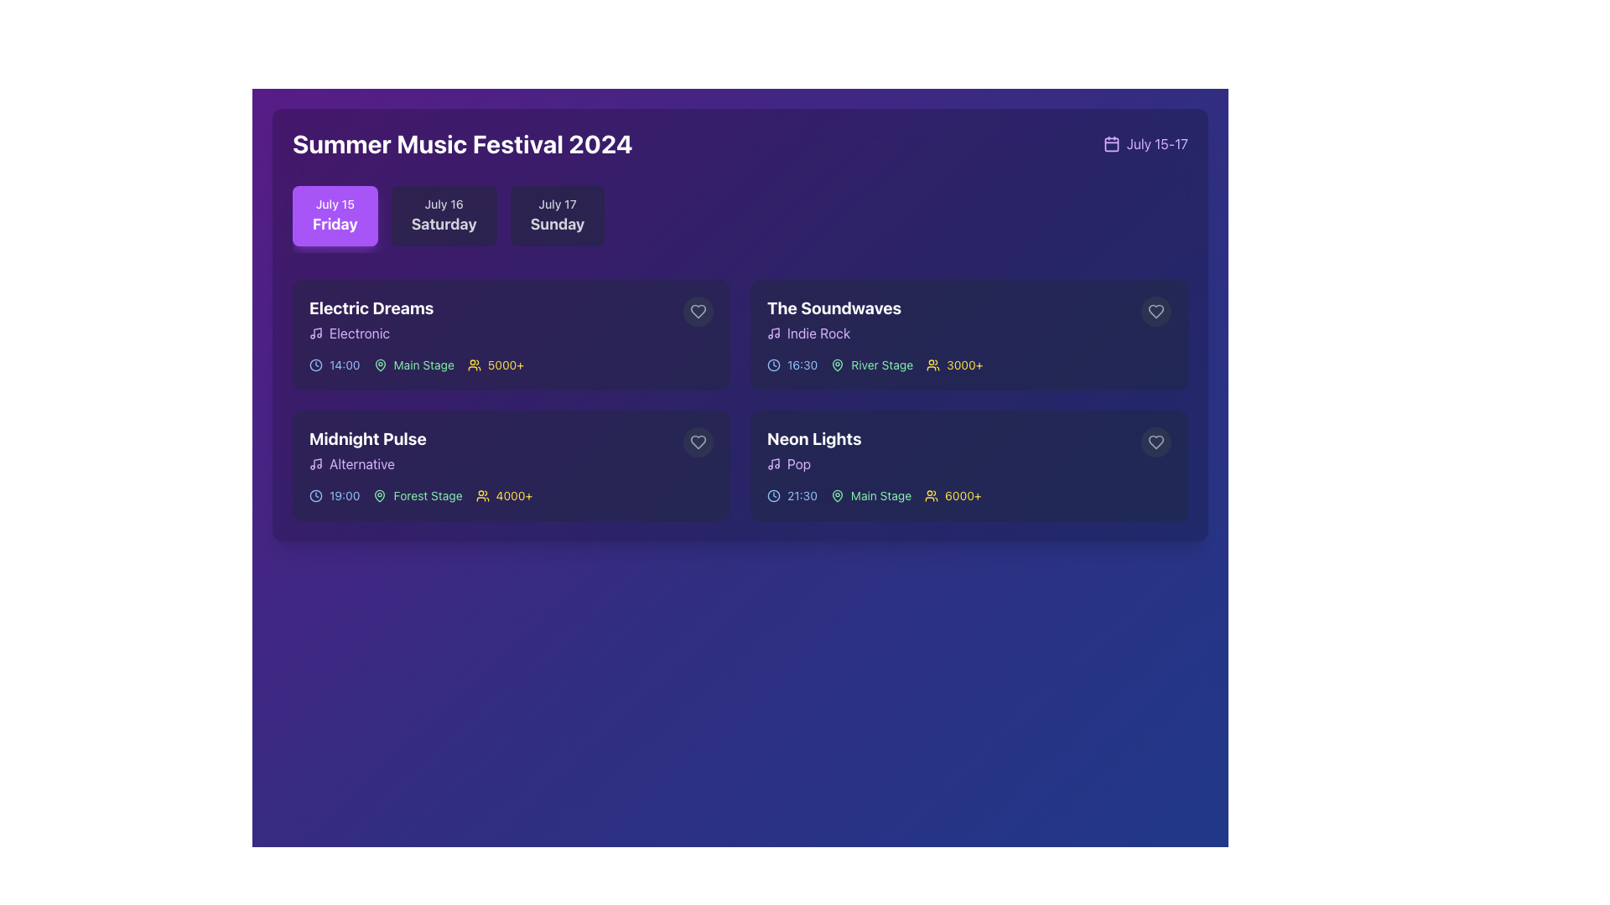  I want to click on the clock icon located in the second row, rightmost card labeled 'Neon Lights', which visually indicates the time '21:30', so click(772, 494).